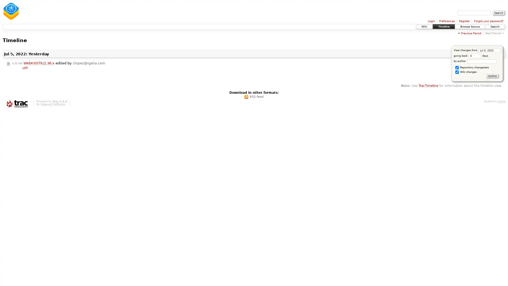 This screenshot has width=508, height=286. Describe the element at coordinates (498, 13) in the screenshot. I see `Search` at that location.